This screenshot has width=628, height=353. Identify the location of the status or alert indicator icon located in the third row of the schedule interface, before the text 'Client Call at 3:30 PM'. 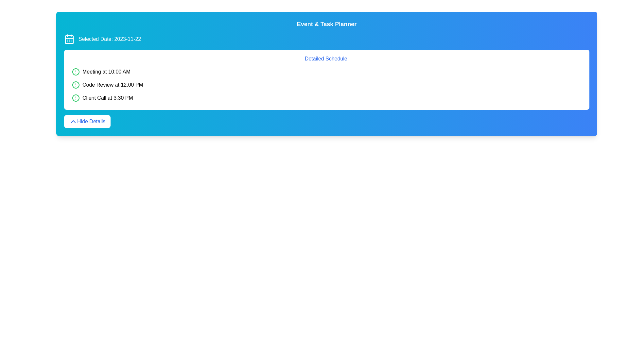
(76, 98).